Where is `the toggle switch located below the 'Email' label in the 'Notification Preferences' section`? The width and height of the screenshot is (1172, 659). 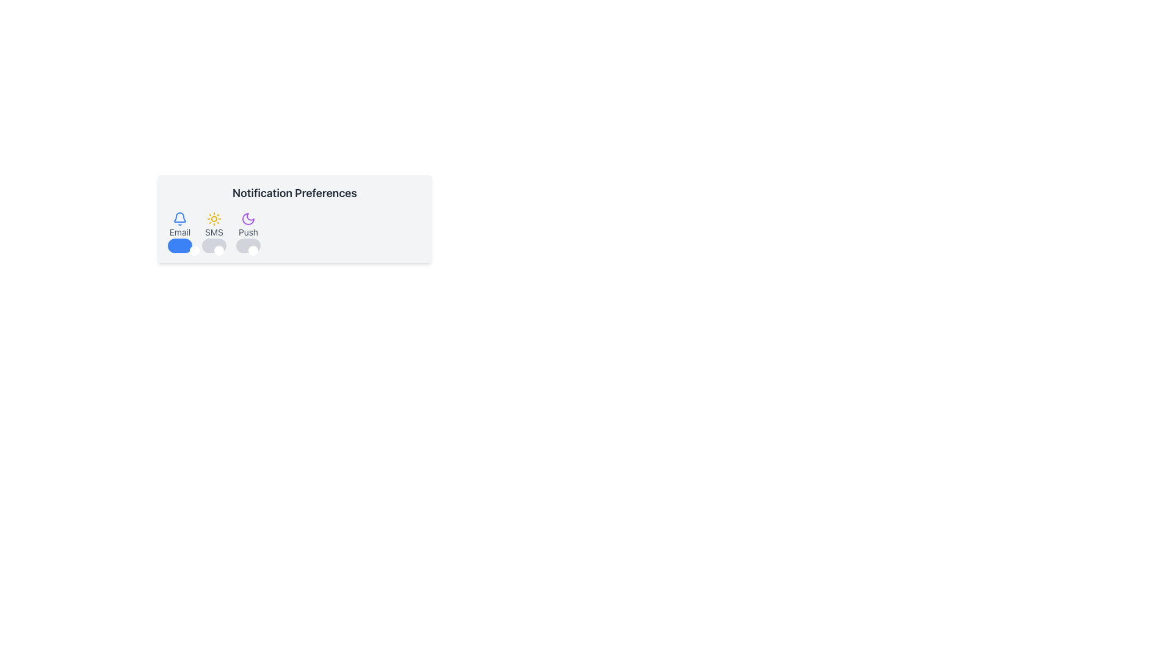
the toggle switch located below the 'Email' label in the 'Notification Preferences' section is located at coordinates (179, 245).